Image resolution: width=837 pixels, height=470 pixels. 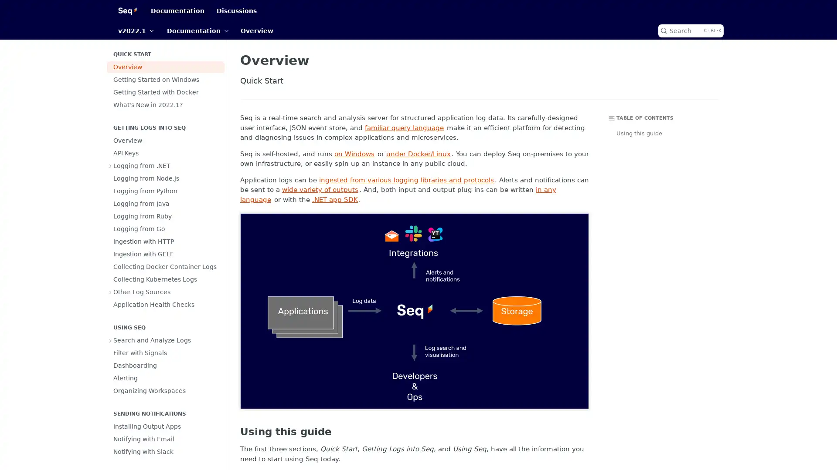 What do you see at coordinates (197, 30) in the screenshot?
I see `Documentation` at bounding box center [197, 30].